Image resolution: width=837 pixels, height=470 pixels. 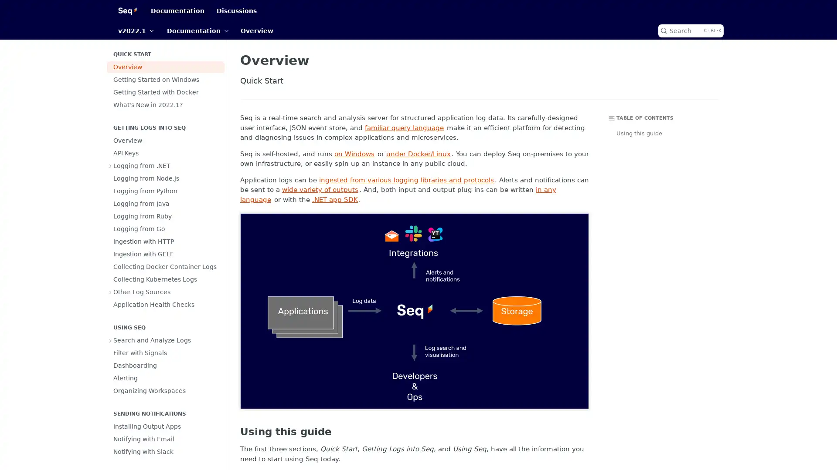 What do you see at coordinates (197, 30) in the screenshot?
I see `Documentation` at bounding box center [197, 30].